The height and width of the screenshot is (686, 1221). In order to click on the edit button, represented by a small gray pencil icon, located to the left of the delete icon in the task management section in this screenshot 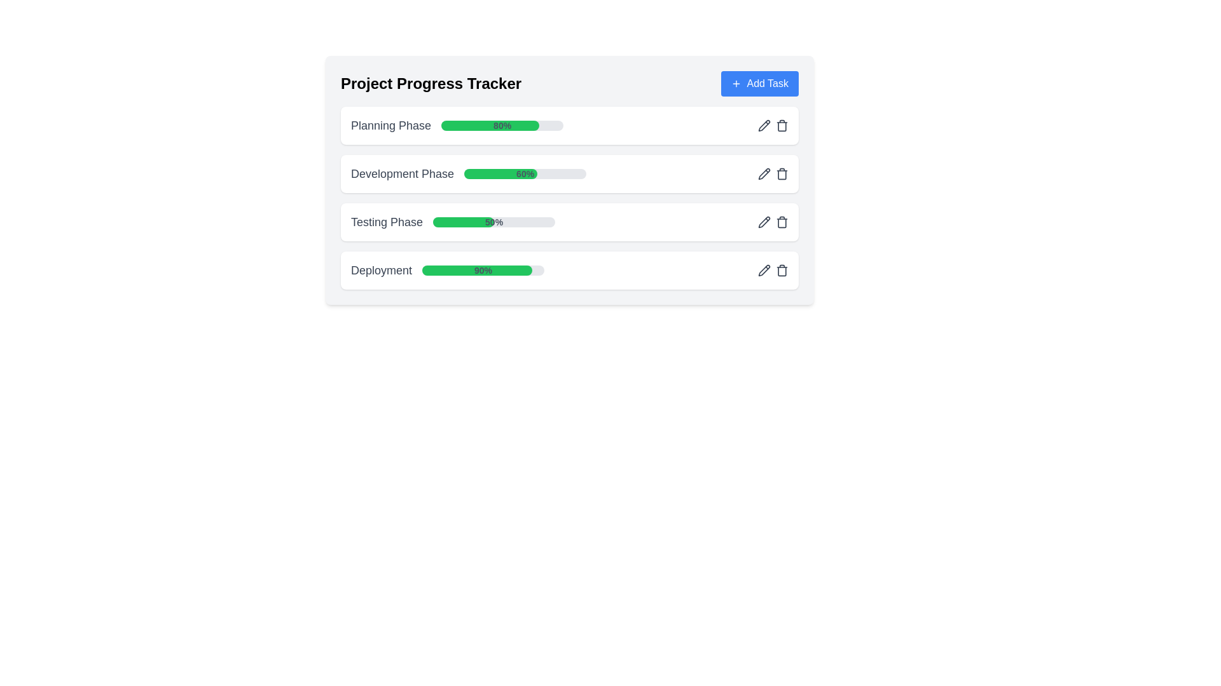, I will do `click(763, 269)`.